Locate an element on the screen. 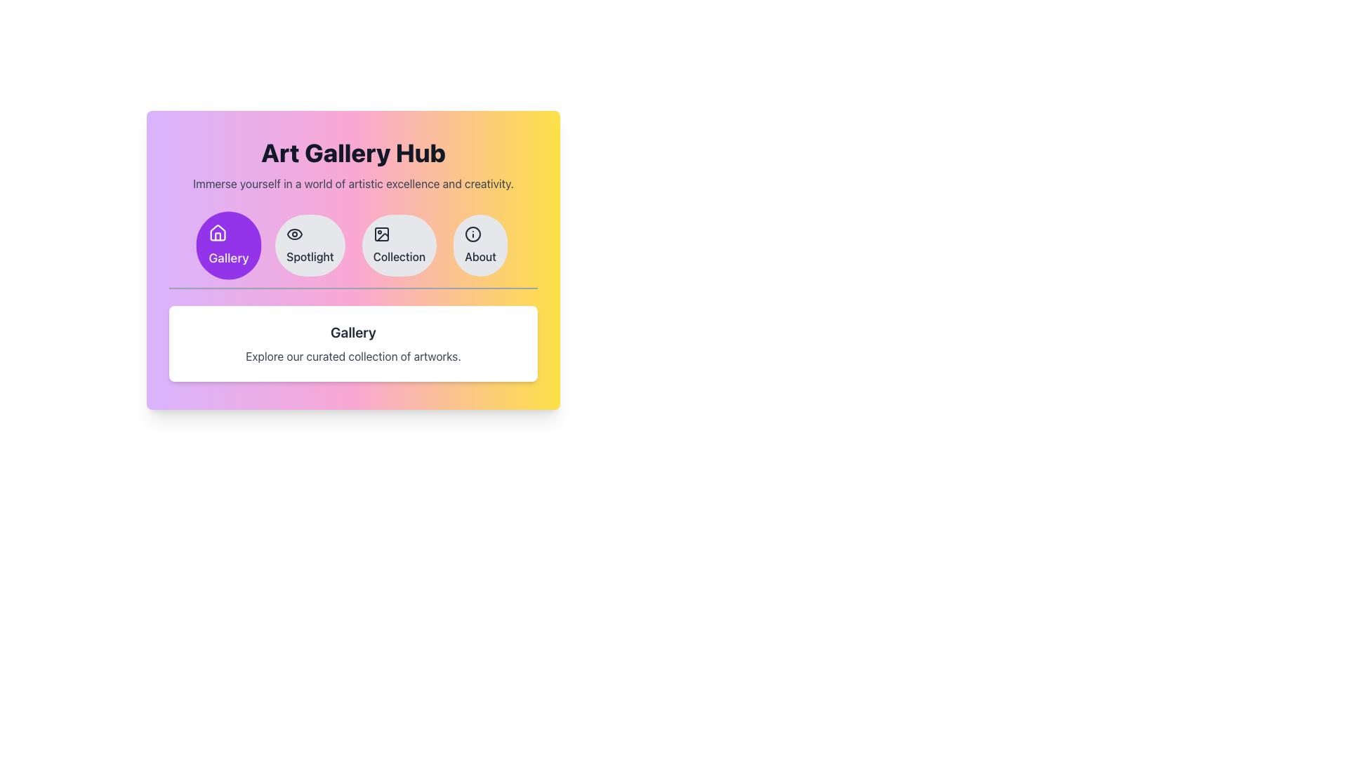  the title text 'Gallery', which is positioned centrally within a white box, indicating the purpose of the gallery content is located at coordinates (353, 333).